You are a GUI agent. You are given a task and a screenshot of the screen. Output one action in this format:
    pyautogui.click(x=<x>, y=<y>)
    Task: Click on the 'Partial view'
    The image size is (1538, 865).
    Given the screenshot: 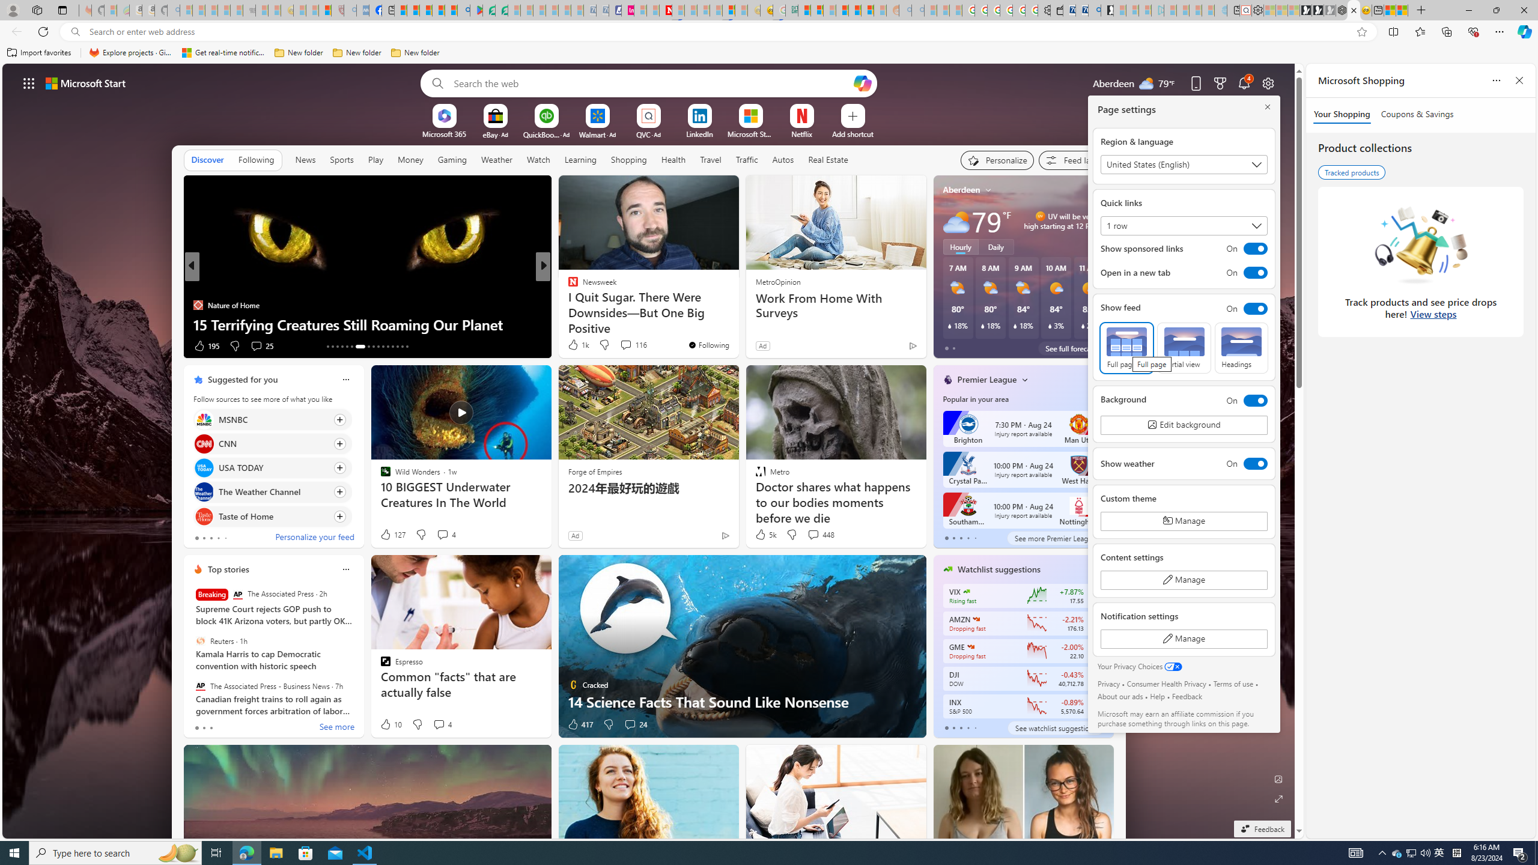 What is the action you would take?
    pyautogui.click(x=1184, y=347)
    